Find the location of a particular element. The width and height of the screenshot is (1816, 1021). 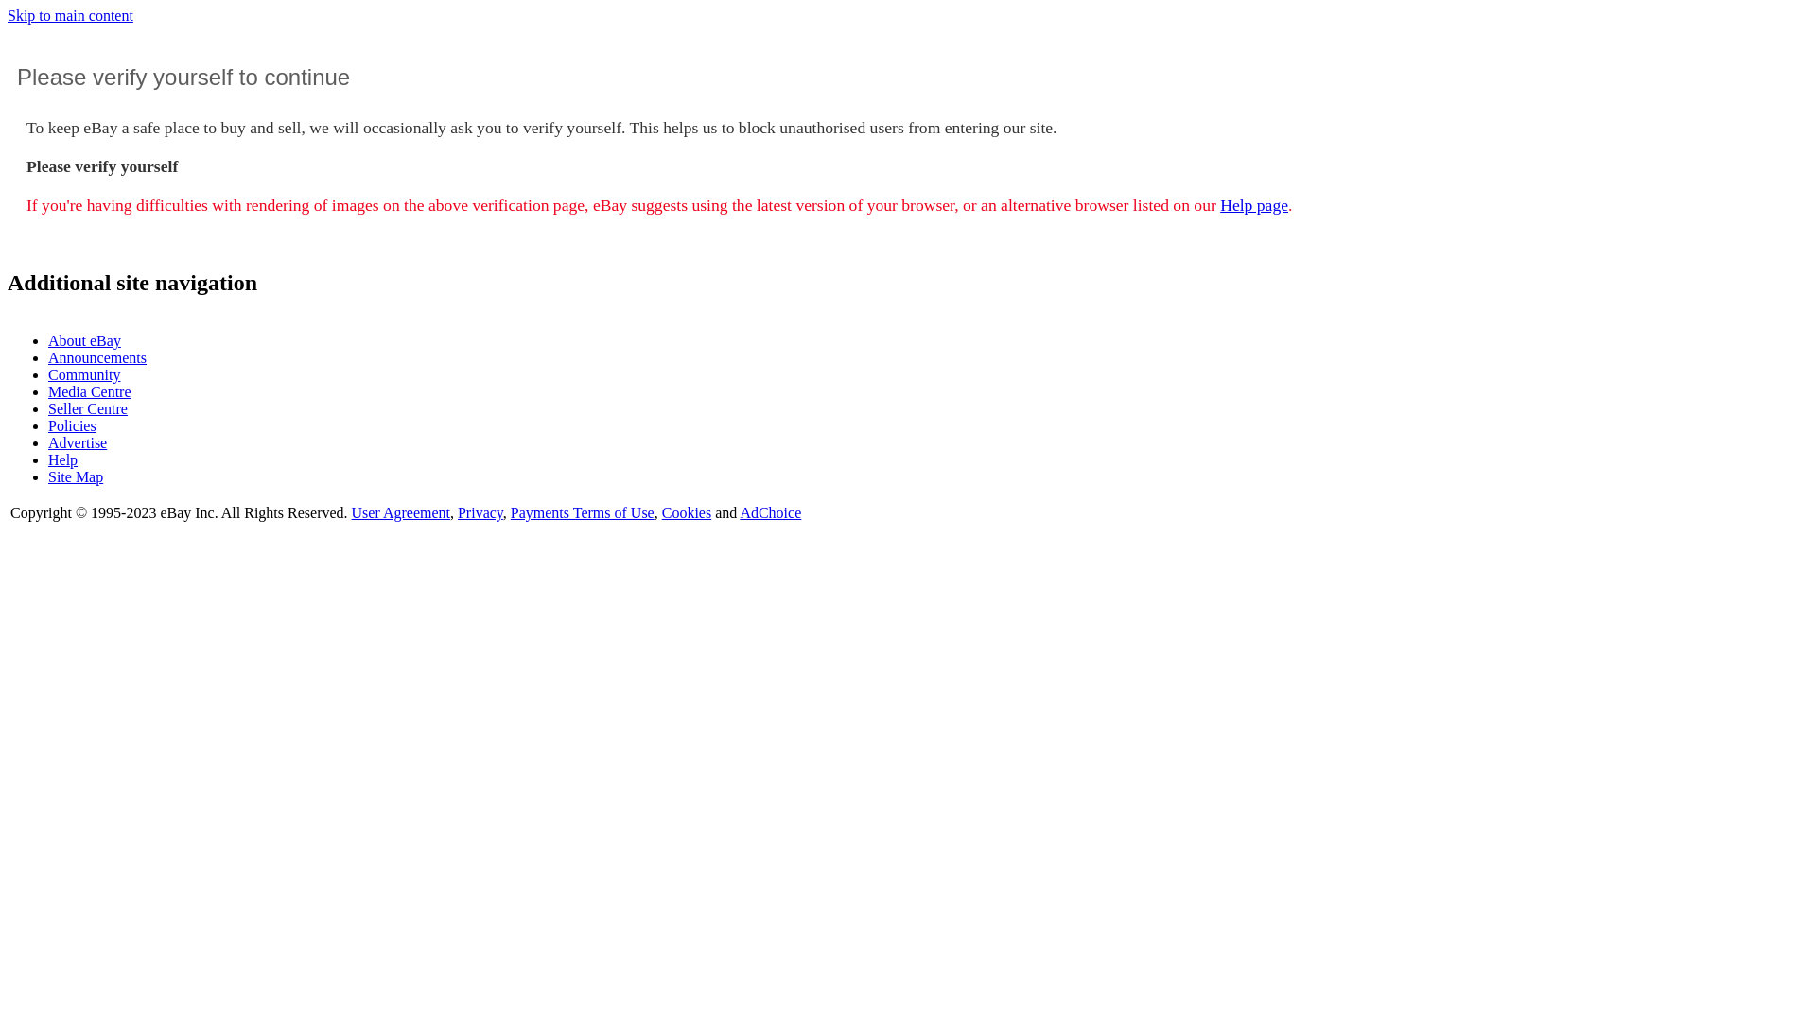

'Payments Terms of Use' is located at coordinates (510, 512).